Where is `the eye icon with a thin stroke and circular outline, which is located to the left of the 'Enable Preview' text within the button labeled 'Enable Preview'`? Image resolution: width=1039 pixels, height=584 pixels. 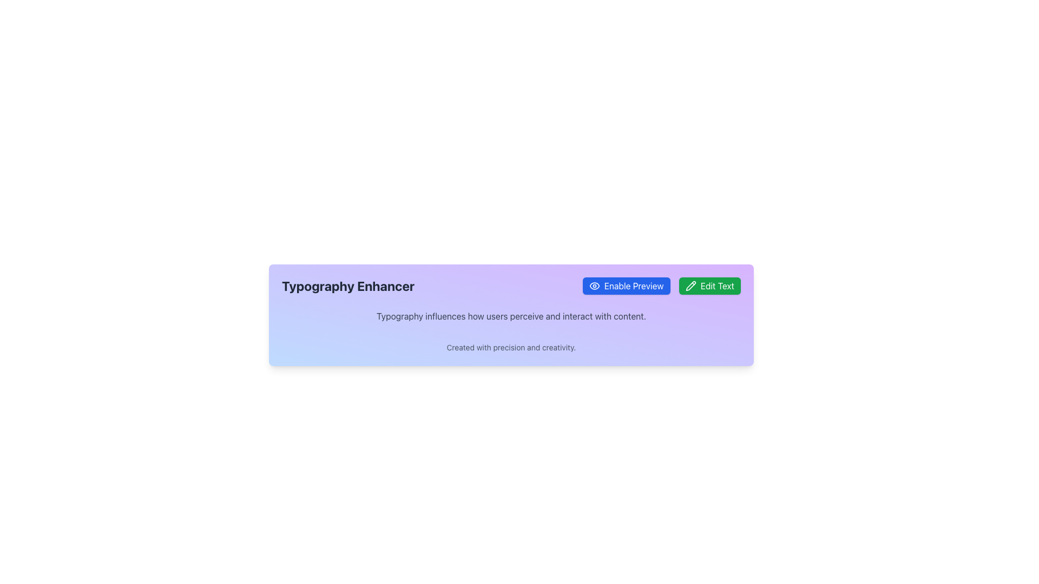 the eye icon with a thin stroke and circular outline, which is located to the left of the 'Enable Preview' text within the button labeled 'Enable Preview' is located at coordinates (594, 285).